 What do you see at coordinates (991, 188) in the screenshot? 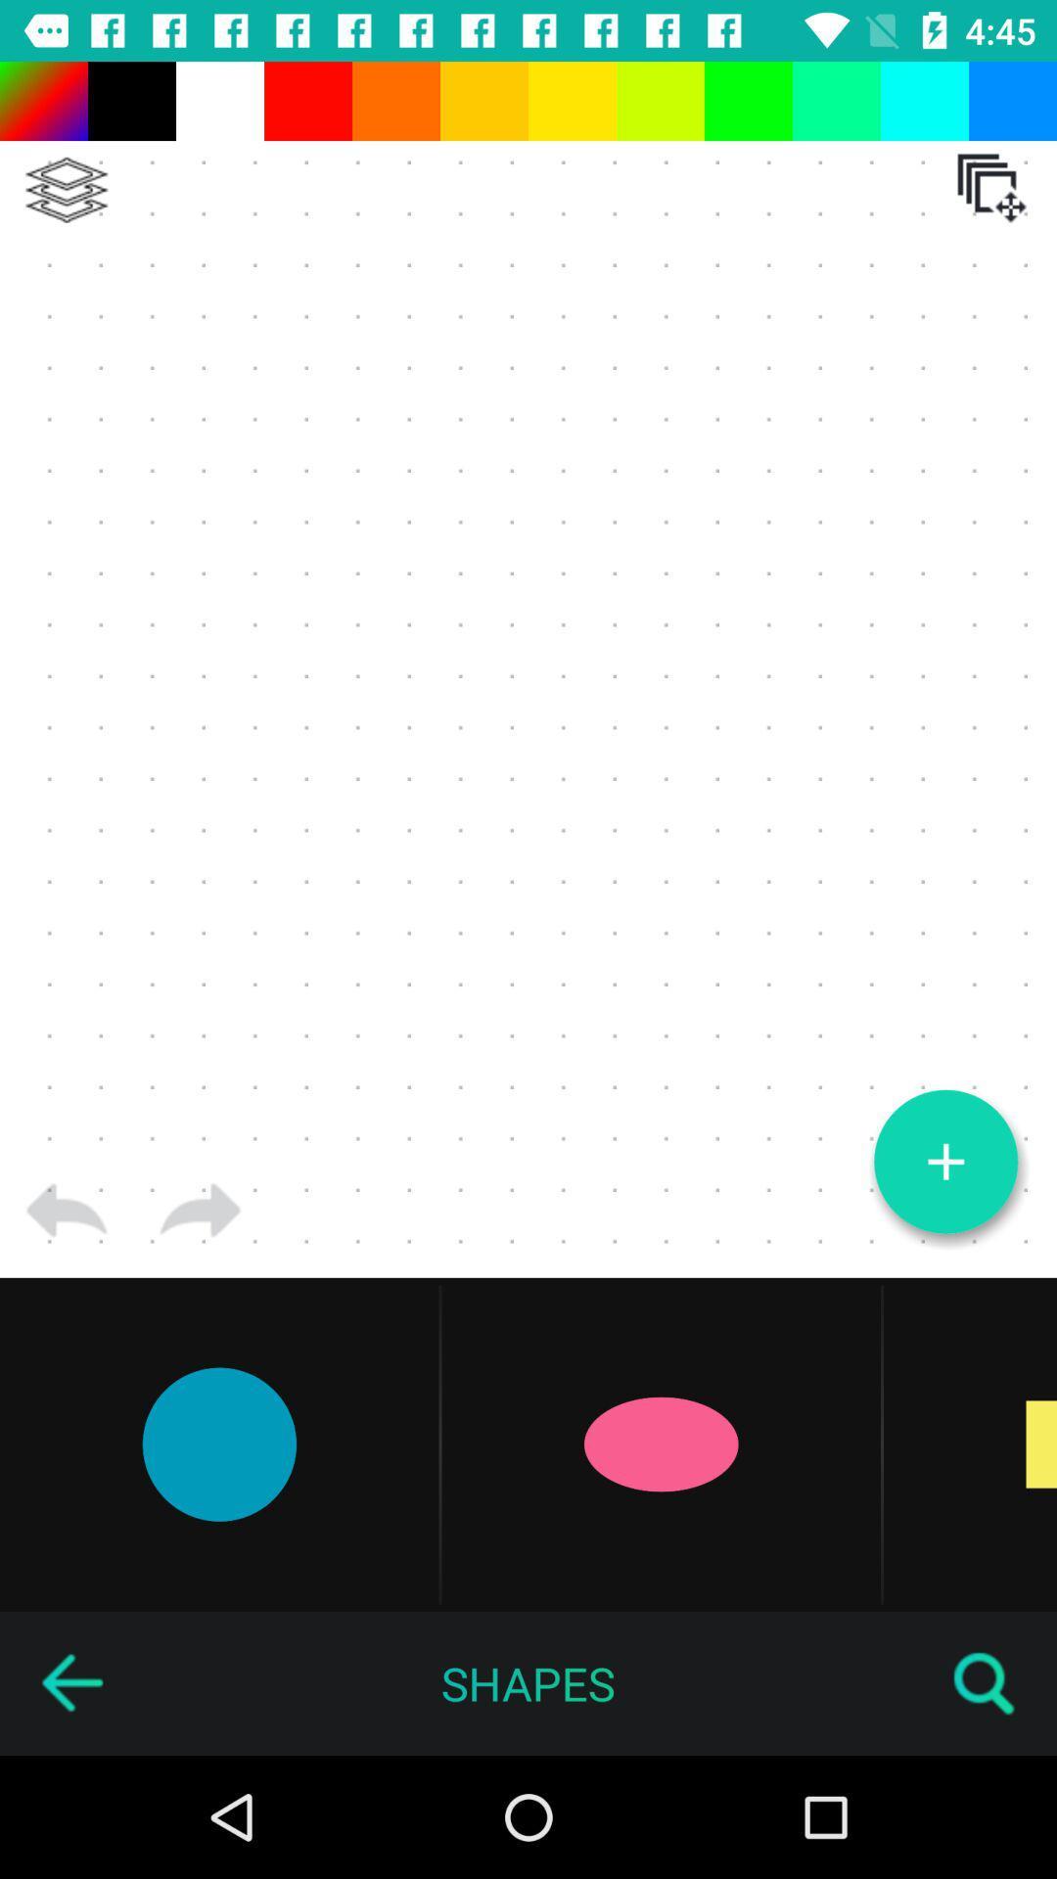
I see `the icon at the top right corner` at bounding box center [991, 188].